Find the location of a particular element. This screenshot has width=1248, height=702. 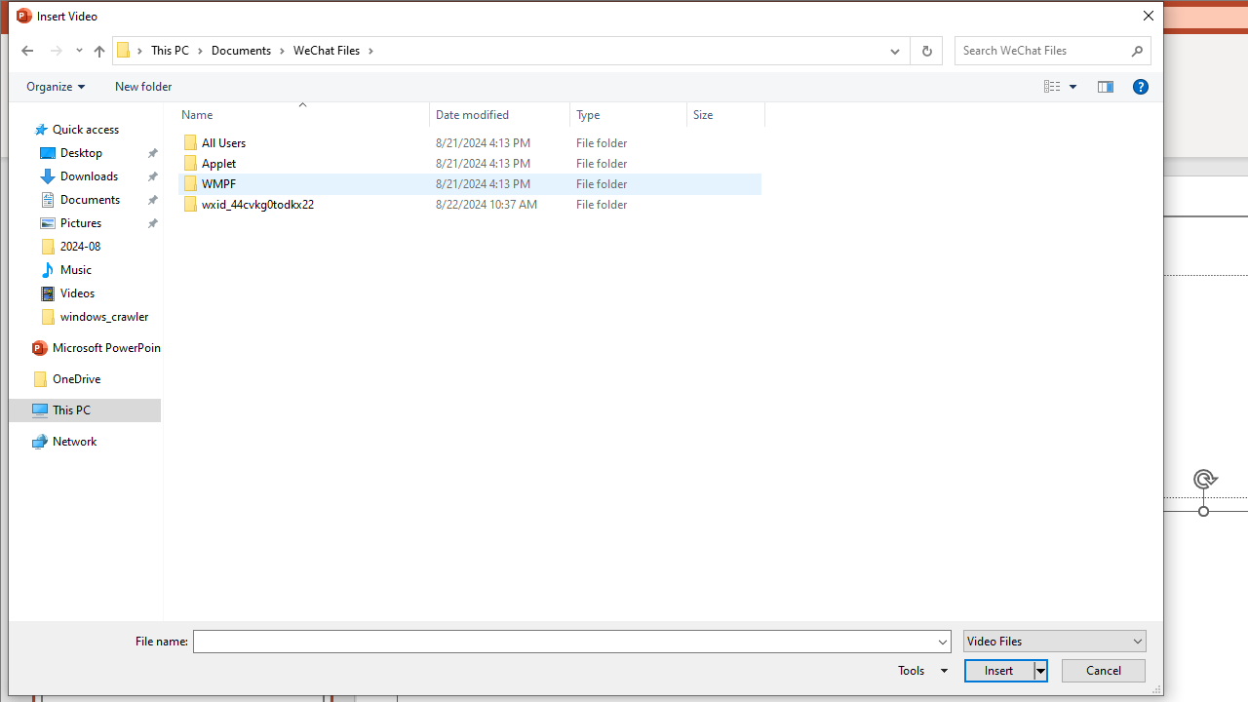

'Up band toolbar' is located at coordinates (97, 53).